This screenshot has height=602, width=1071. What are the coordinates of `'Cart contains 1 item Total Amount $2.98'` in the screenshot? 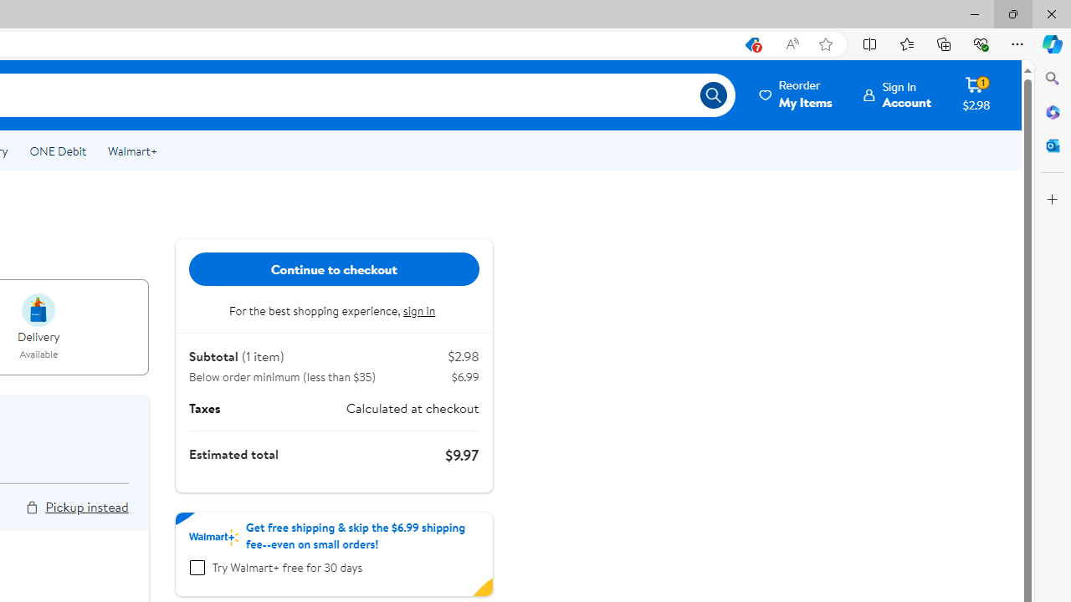 It's located at (976, 94).